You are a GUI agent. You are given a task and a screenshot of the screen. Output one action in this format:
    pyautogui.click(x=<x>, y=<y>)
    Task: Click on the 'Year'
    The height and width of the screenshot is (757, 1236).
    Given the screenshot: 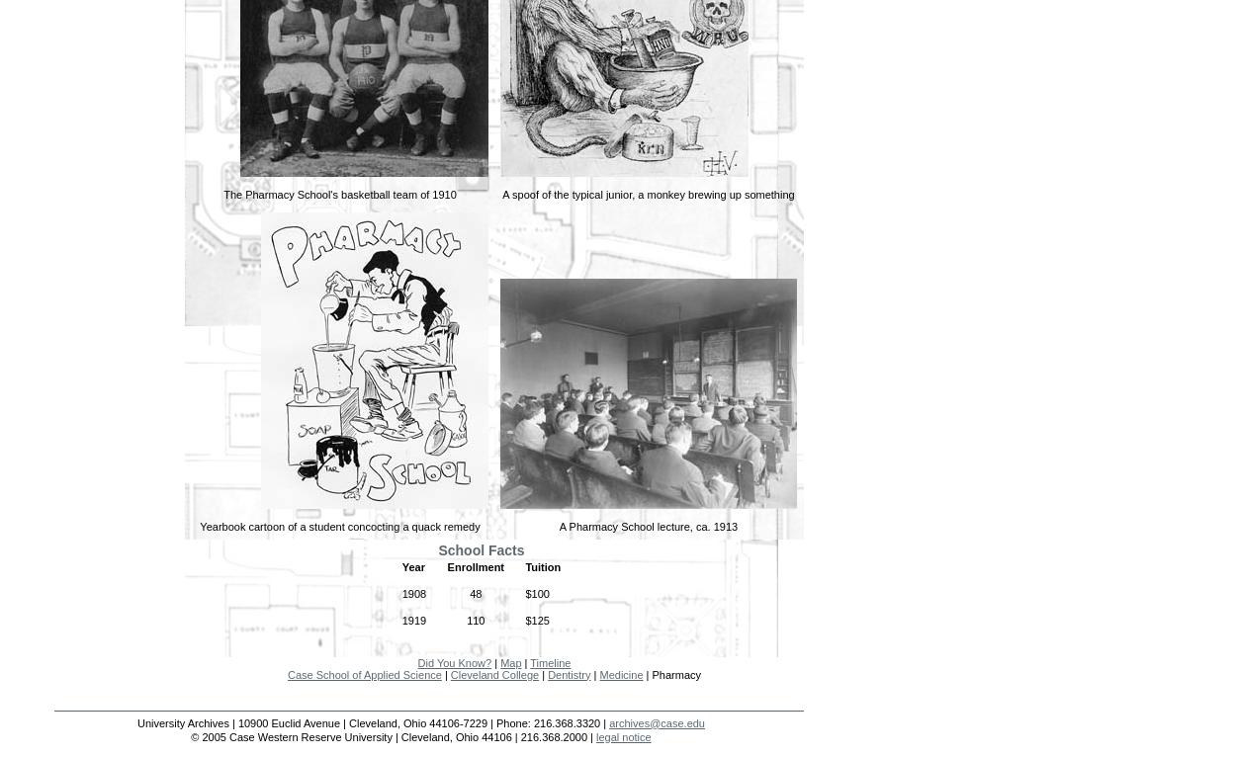 What is the action you would take?
    pyautogui.click(x=412, y=565)
    